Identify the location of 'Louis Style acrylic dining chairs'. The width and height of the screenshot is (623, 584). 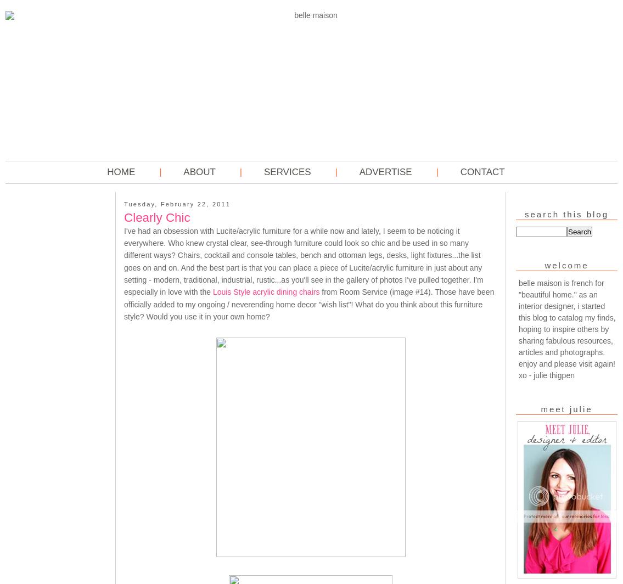
(265, 292).